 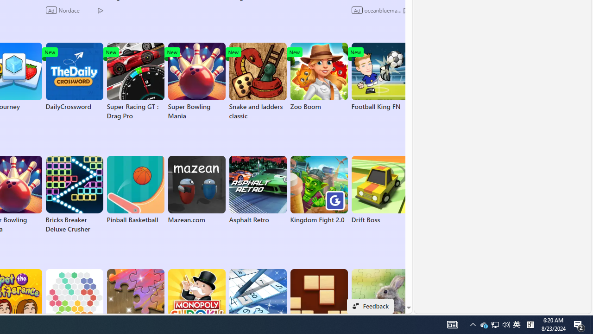 I want to click on 'Super Bowling Mania', so click(x=196, y=81).